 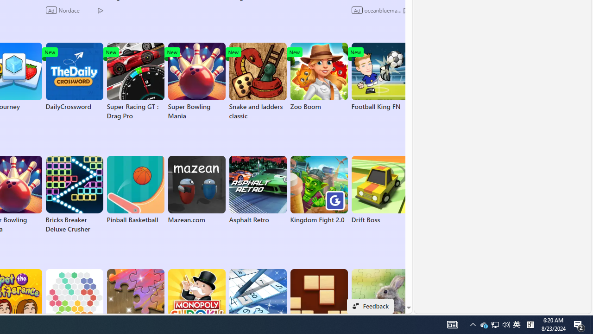 I want to click on 'Super Bowling Mania', so click(x=196, y=81).